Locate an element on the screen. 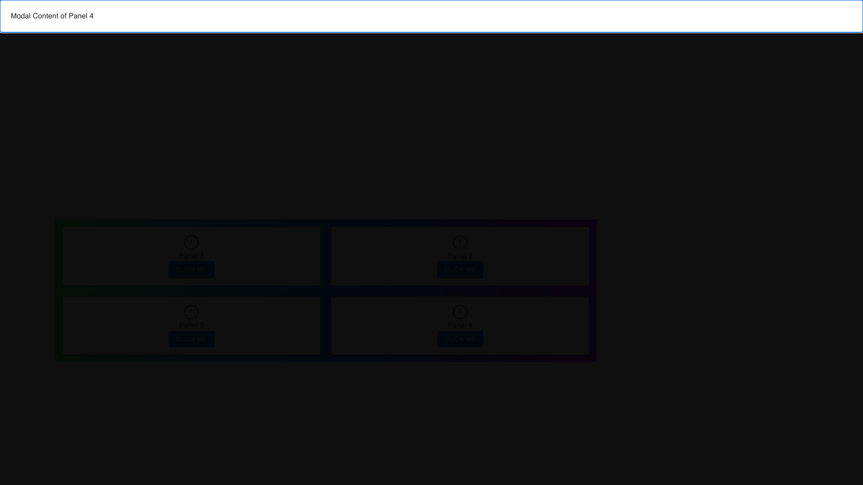 This screenshot has height=485, width=863. the 'Click Me' button located in Panel 4 is located at coordinates (460, 339).